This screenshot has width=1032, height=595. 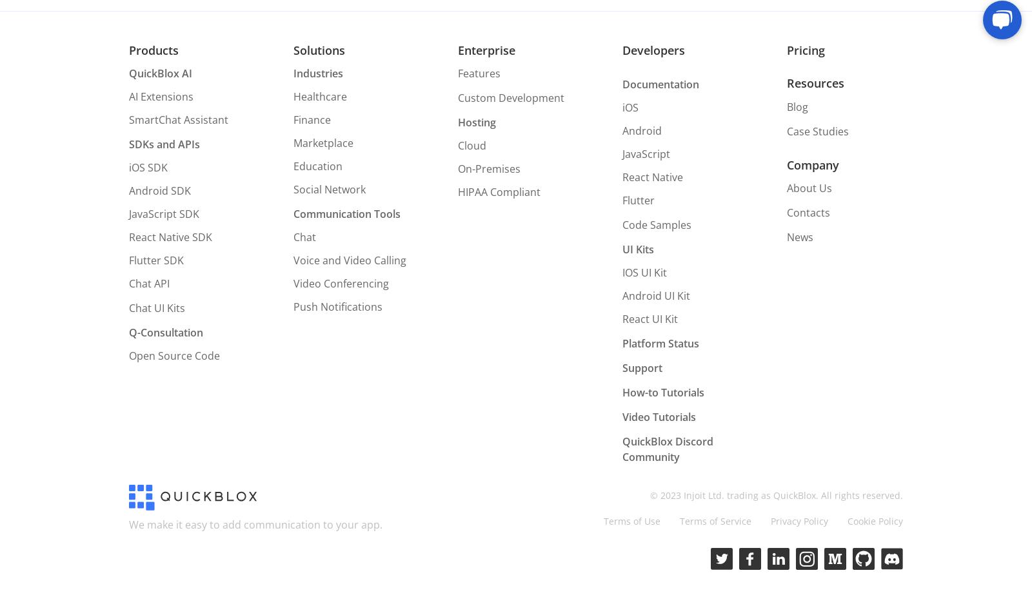 What do you see at coordinates (157, 307) in the screenshot?
I see `'Chat UI Kits'` at bounding box center [157, 307].